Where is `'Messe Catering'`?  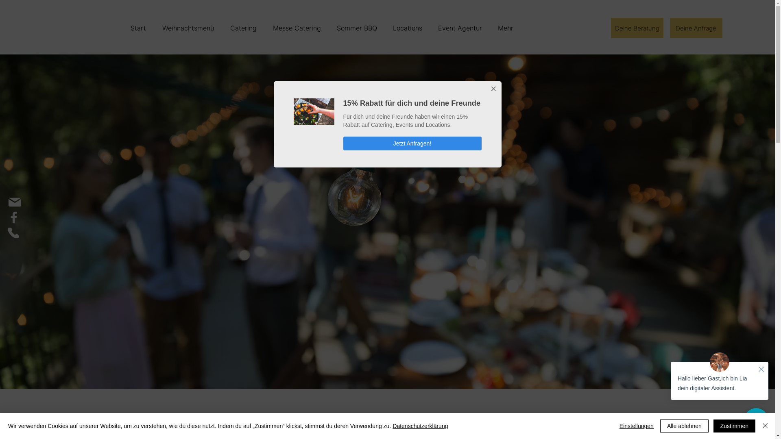
'Messe Catering' is located at coordinates (296, 28).